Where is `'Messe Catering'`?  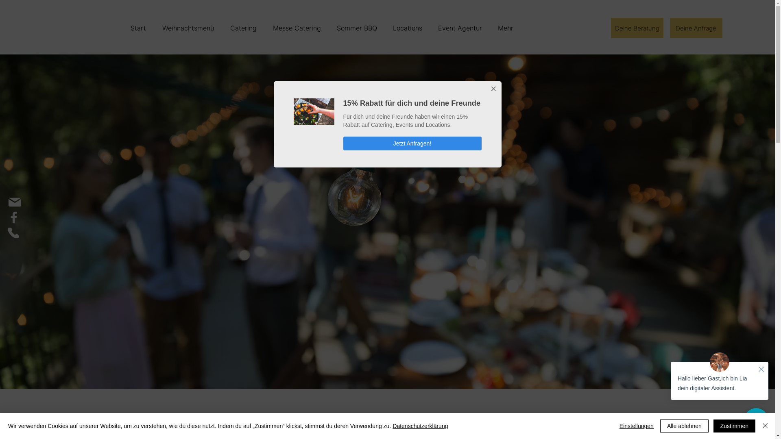
'Messe Catering' is located at coordinates (296, 28).